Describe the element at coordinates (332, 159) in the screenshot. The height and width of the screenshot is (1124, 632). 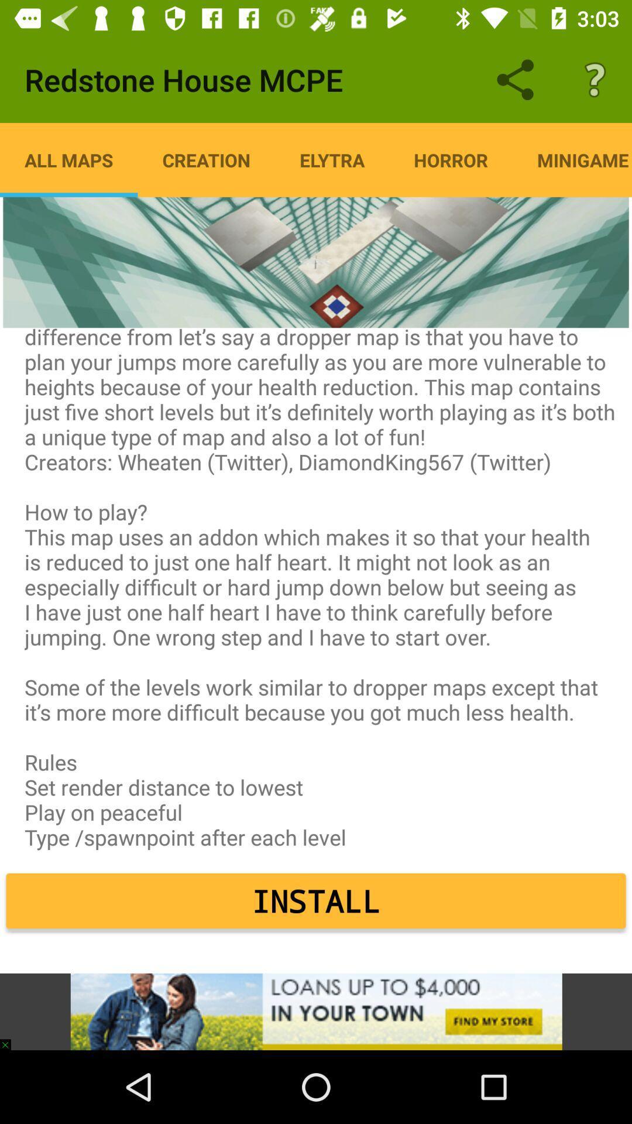
I see `the icon next to the creation item` at that location.